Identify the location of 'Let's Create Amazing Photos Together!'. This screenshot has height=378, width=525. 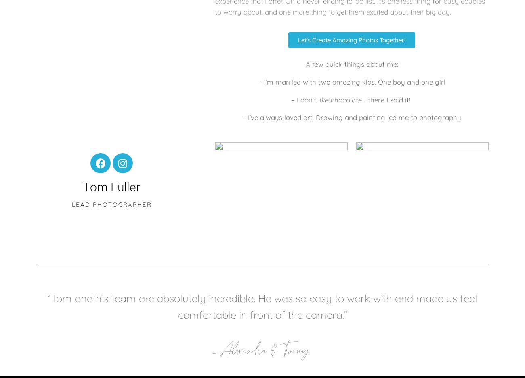
(351, 39).